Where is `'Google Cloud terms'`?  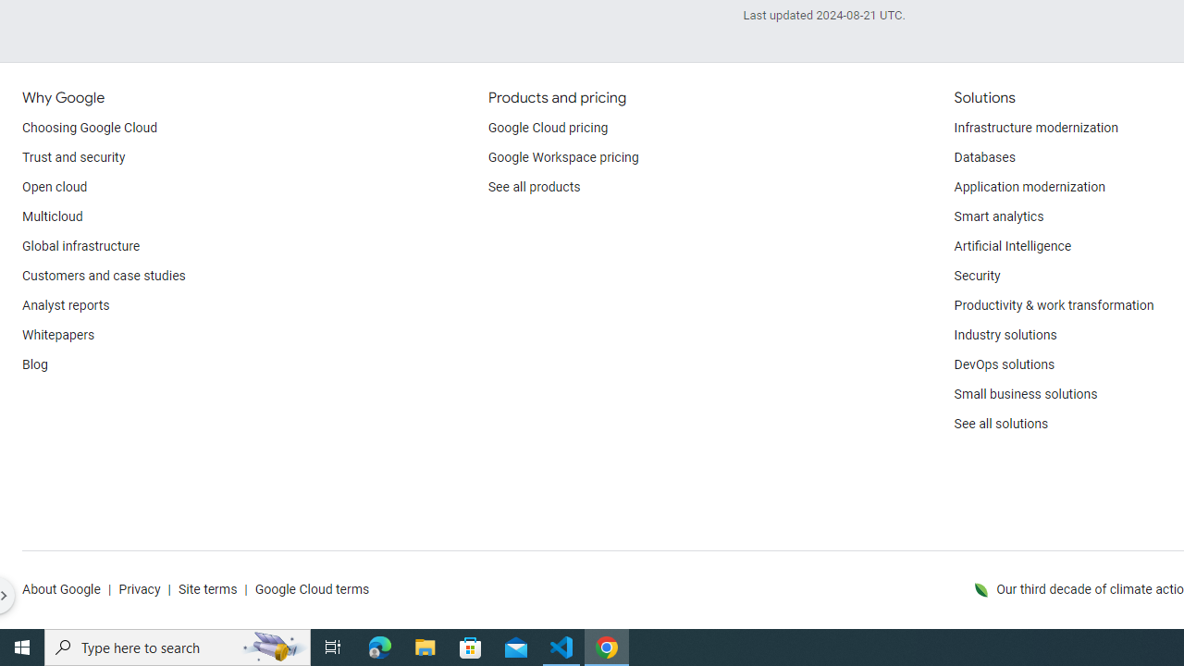 'Google Cloud terms' is located at coordinates (312, 589).